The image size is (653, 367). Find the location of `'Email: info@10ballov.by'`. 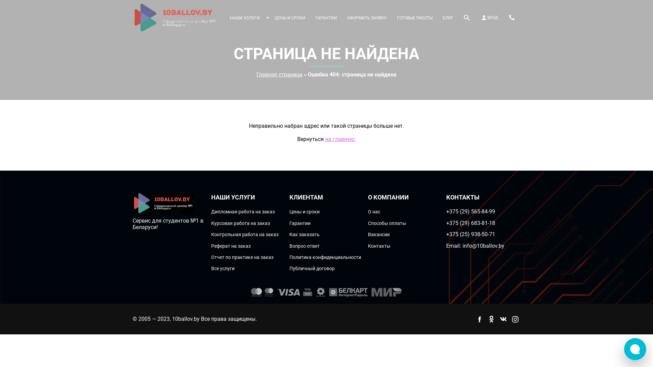

'Email: info@10ballov.by' is located at coordinates (446, 246).